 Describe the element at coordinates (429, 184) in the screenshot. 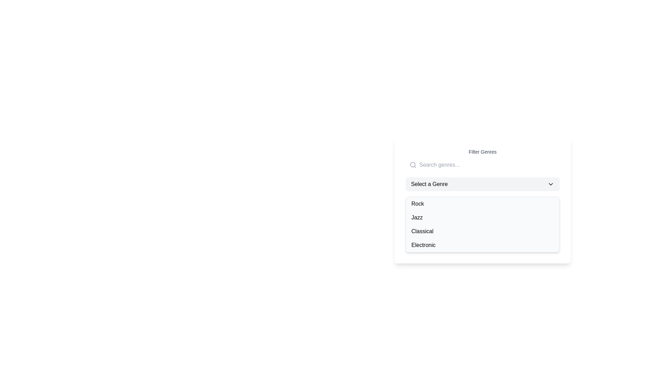

I see `the static text label guiding users to select a genre, positioned to the left of the chevron-down icon in the dropdown menu` at that location.